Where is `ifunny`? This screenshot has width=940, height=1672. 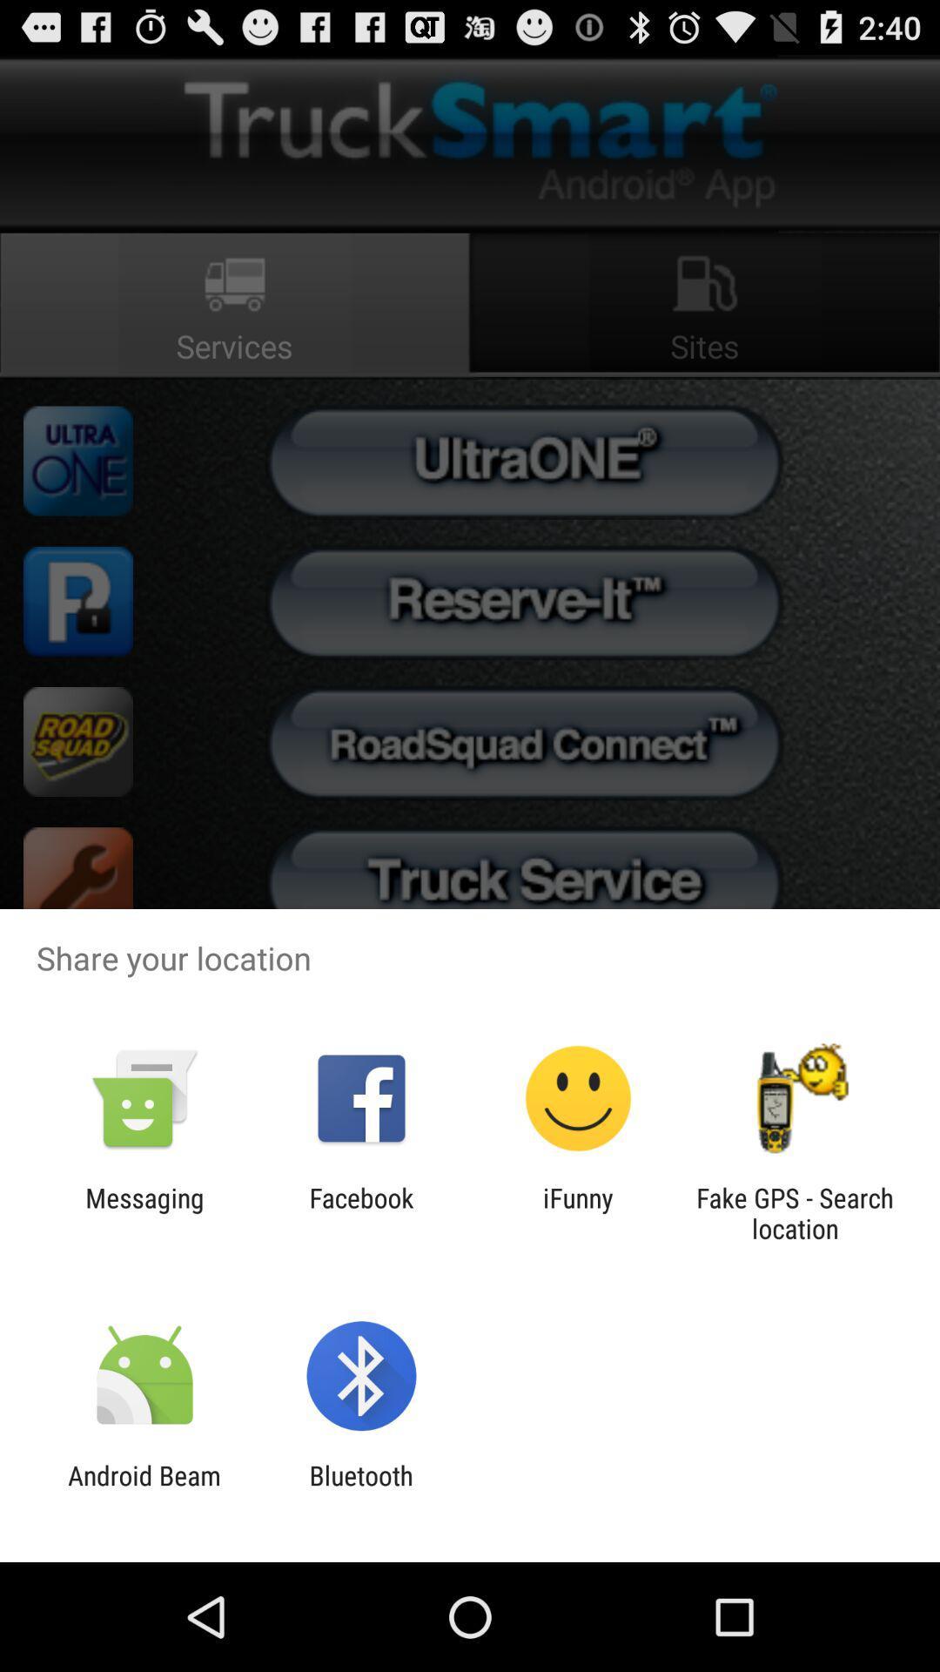 ifunny is located at coordinates (578, 1212).